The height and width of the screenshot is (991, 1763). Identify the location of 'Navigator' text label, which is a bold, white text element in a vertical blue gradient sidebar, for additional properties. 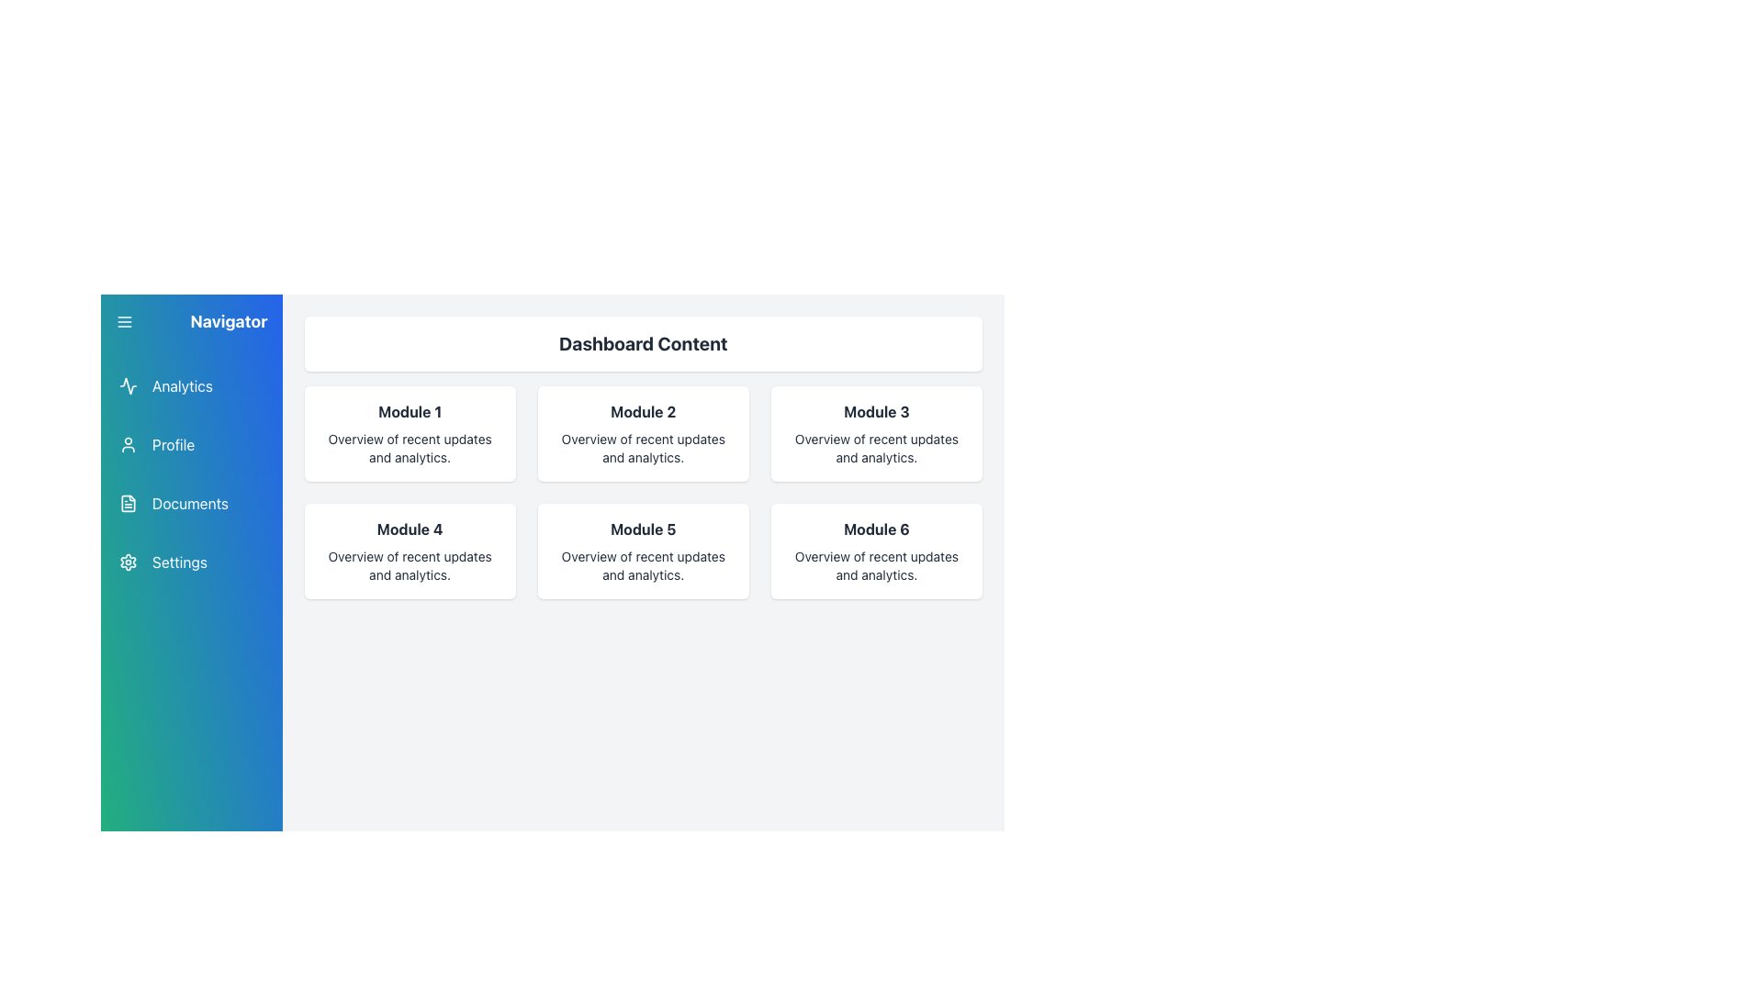
(228, 321).